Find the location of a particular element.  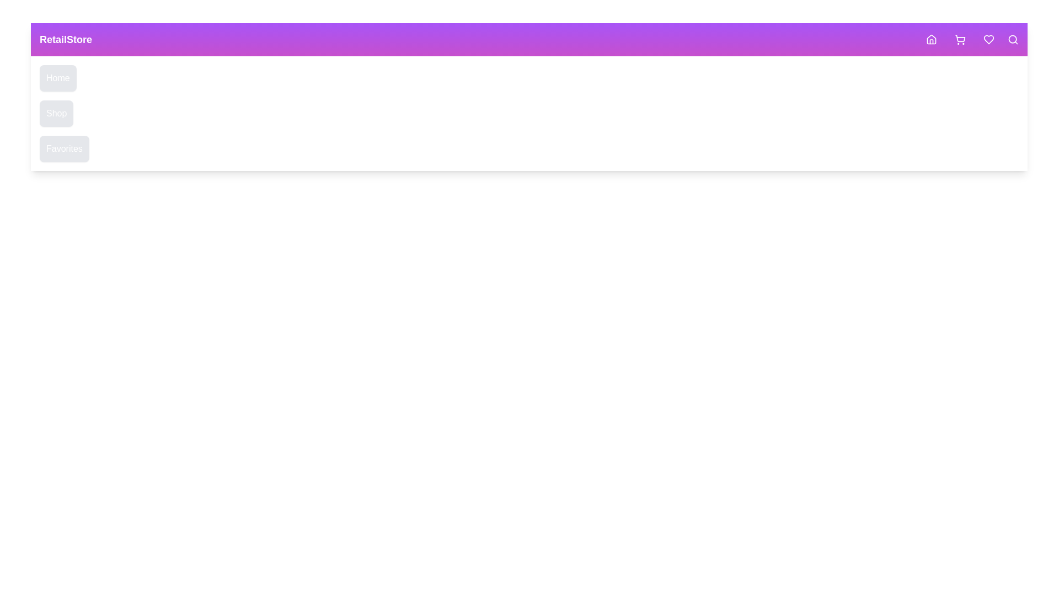

the Home button in the main menu is located at coordinates (57, 78).